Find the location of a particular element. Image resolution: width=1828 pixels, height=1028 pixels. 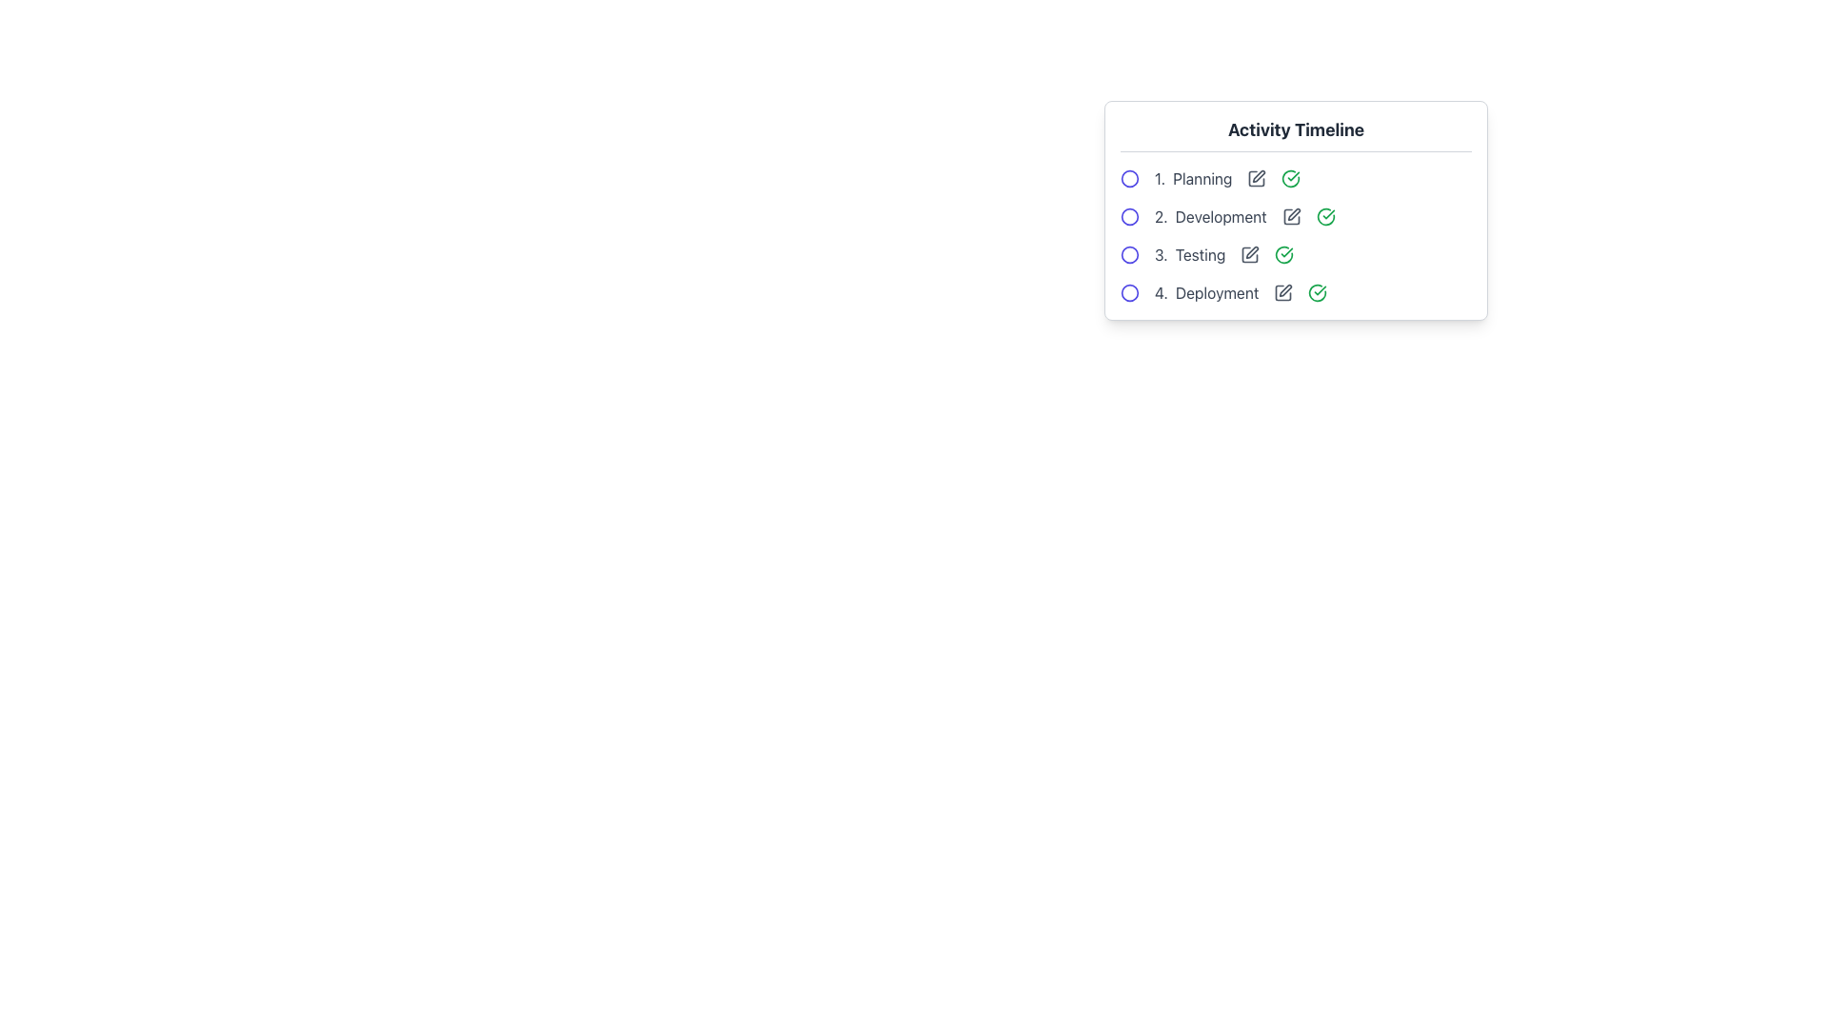

the completion icon for the '1. Planning' task, which is the third element after the blue circular icon and the text '1. Planning' in the Activity Timeline section is located at coordinates (1291, 179).